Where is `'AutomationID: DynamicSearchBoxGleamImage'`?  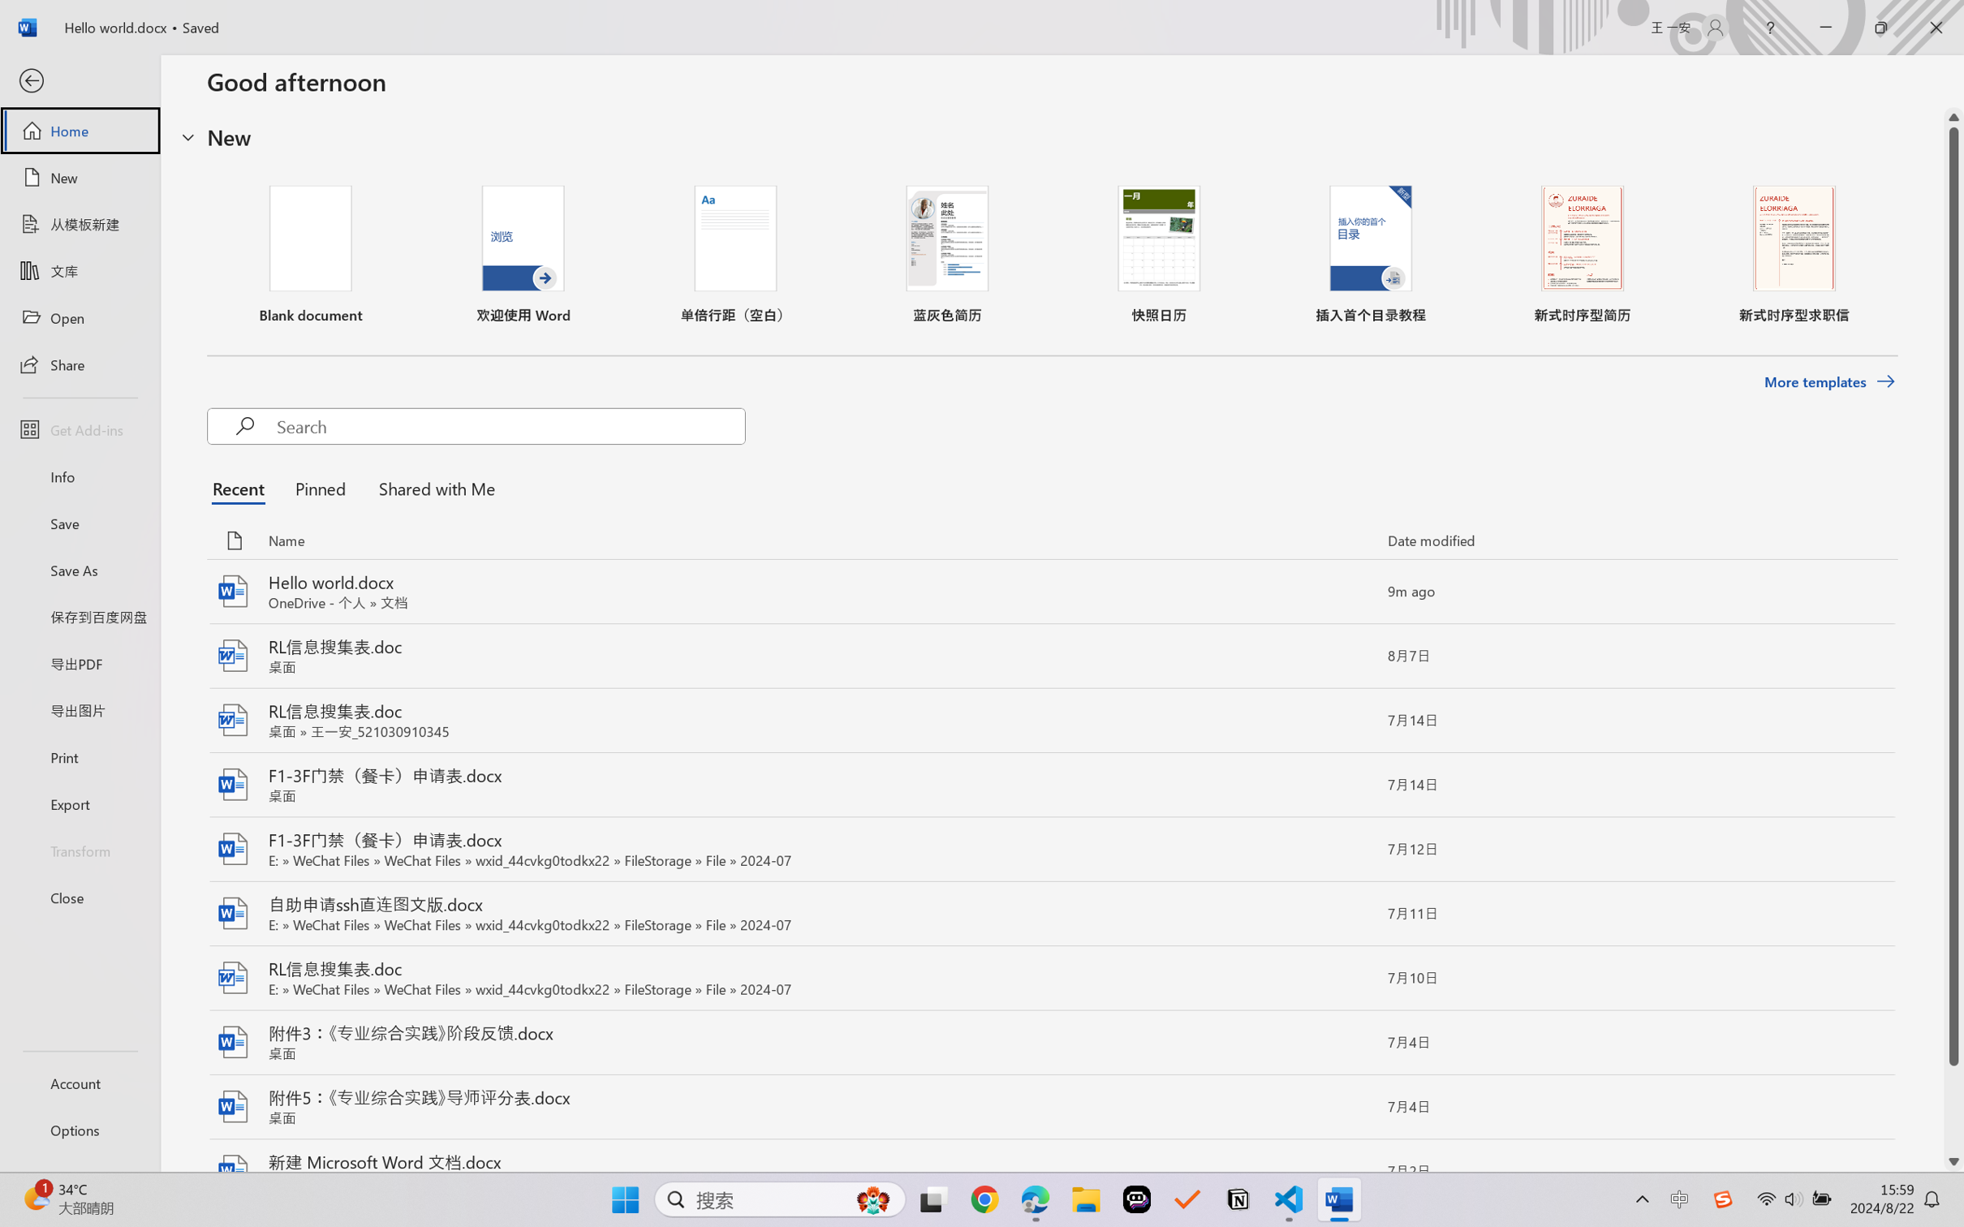 'AutomationID: DynamicSearchBoxGleamImage' is located at coordinates (873, 1199).